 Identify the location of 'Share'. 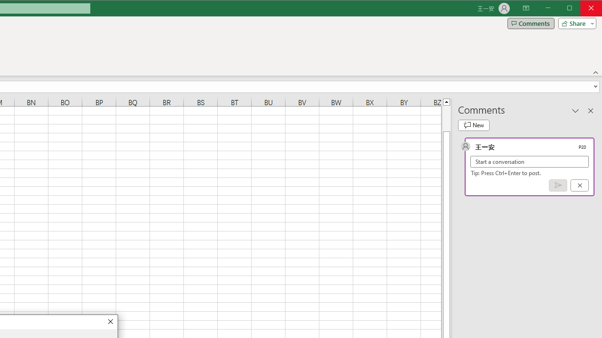
(575, 23).